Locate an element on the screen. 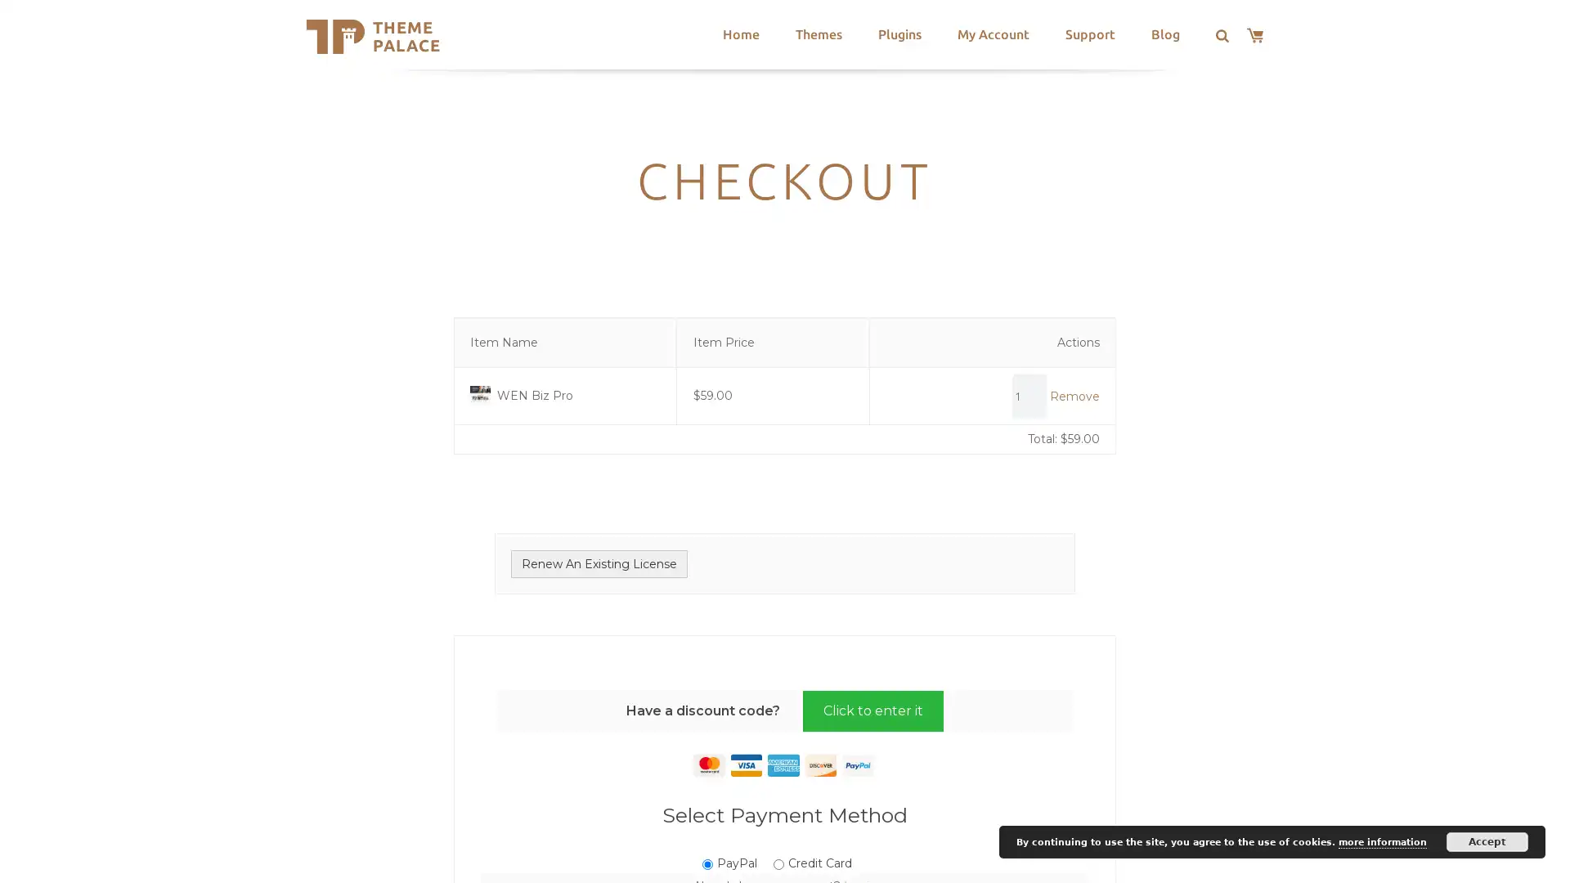  Search is located at coordinates (505, 37).